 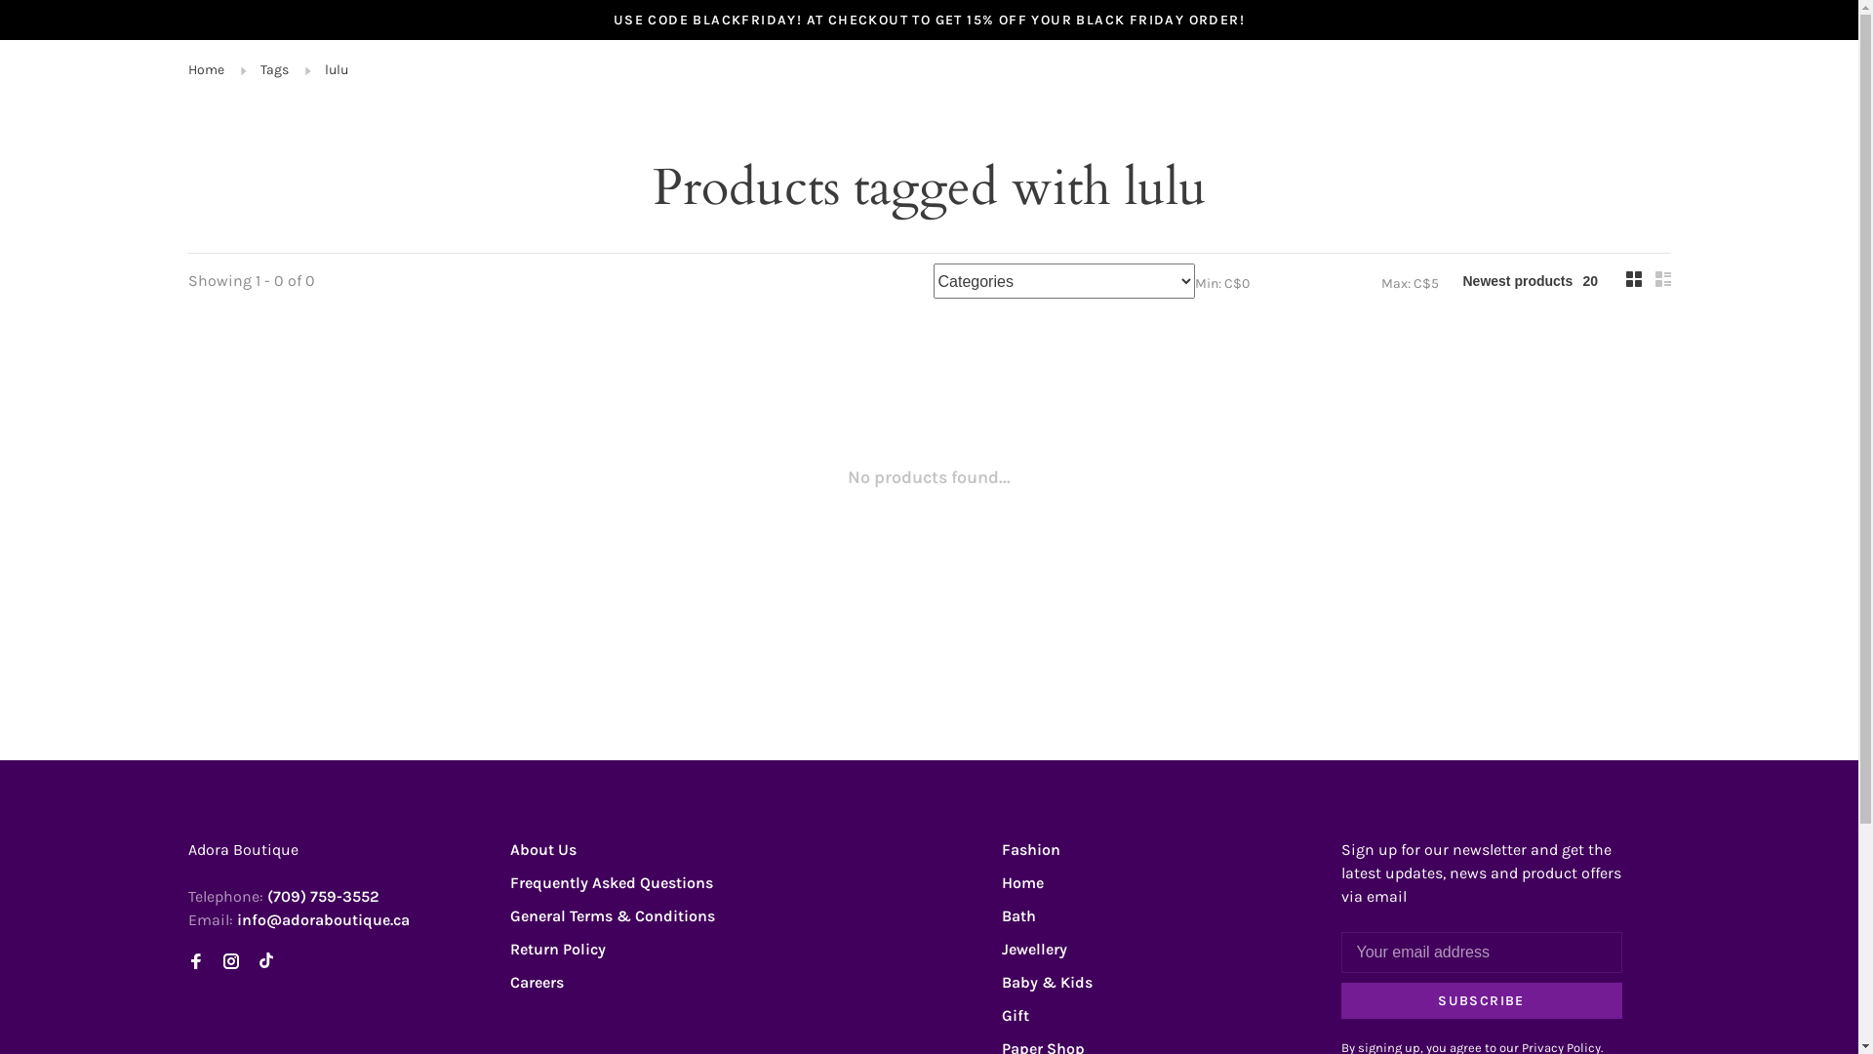 What do you see at coordinates (297, 919) in the screenshot?
I see `'Email: info@adoraboutique.ca'` at bounding box center [297, 919].